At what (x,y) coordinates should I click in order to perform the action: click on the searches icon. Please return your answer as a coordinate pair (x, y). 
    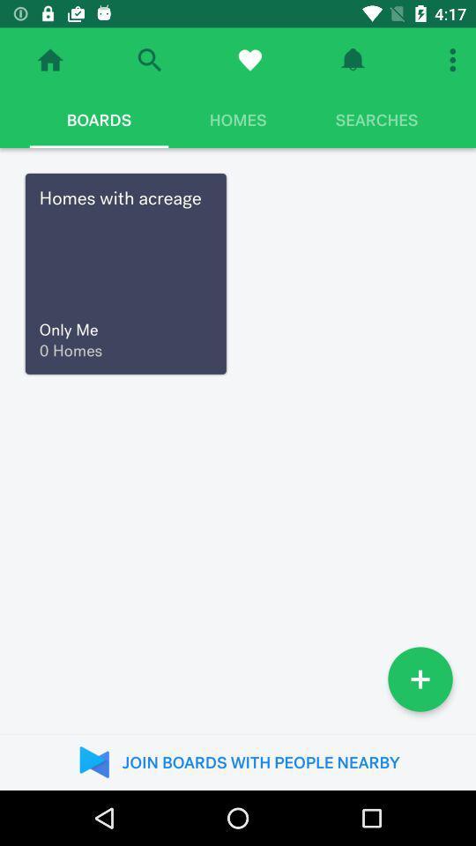
    Looking at the image, I should click on (376, 119).